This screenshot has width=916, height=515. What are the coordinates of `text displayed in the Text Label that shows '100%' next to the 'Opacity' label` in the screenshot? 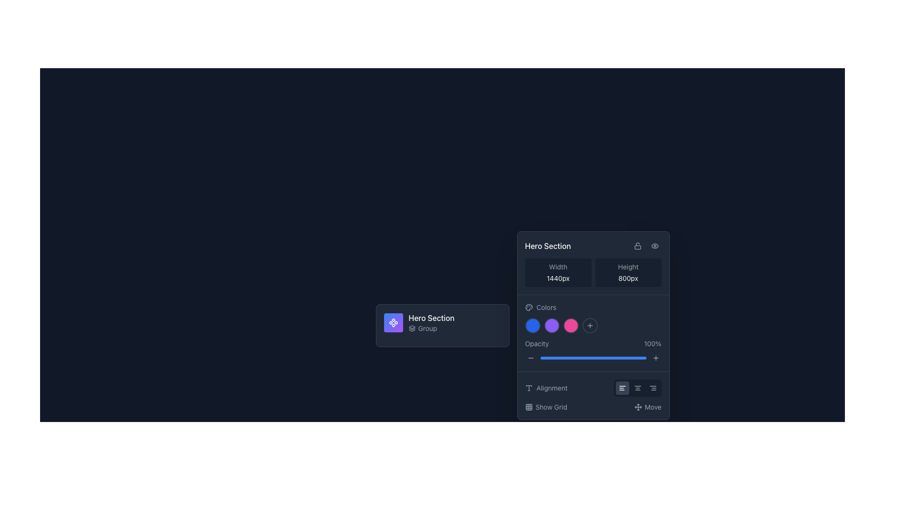 It's located at (652, 344).